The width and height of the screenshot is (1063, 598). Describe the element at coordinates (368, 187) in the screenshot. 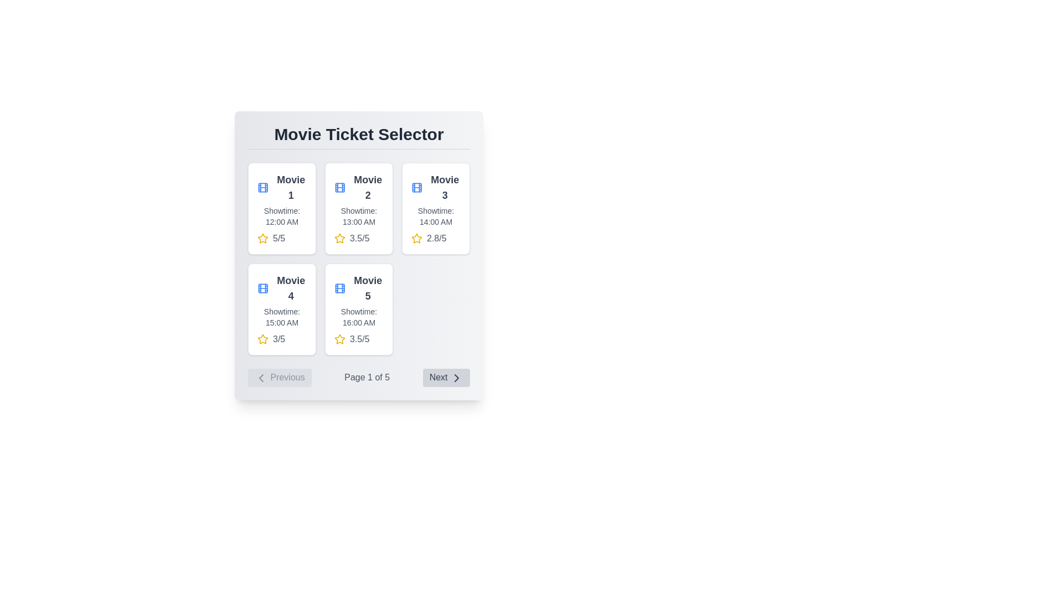

I see `the static text label that displays the title of the movie in the second card of the top row in the 'Movie Ticket Selector' interface` at that location.